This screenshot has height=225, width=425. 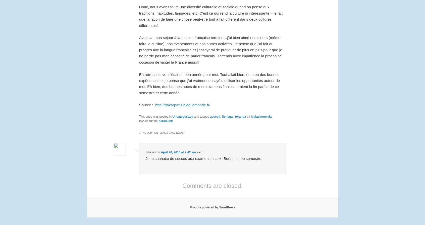 I want to click on 'Uncategorized', so click(x=172, y=116).